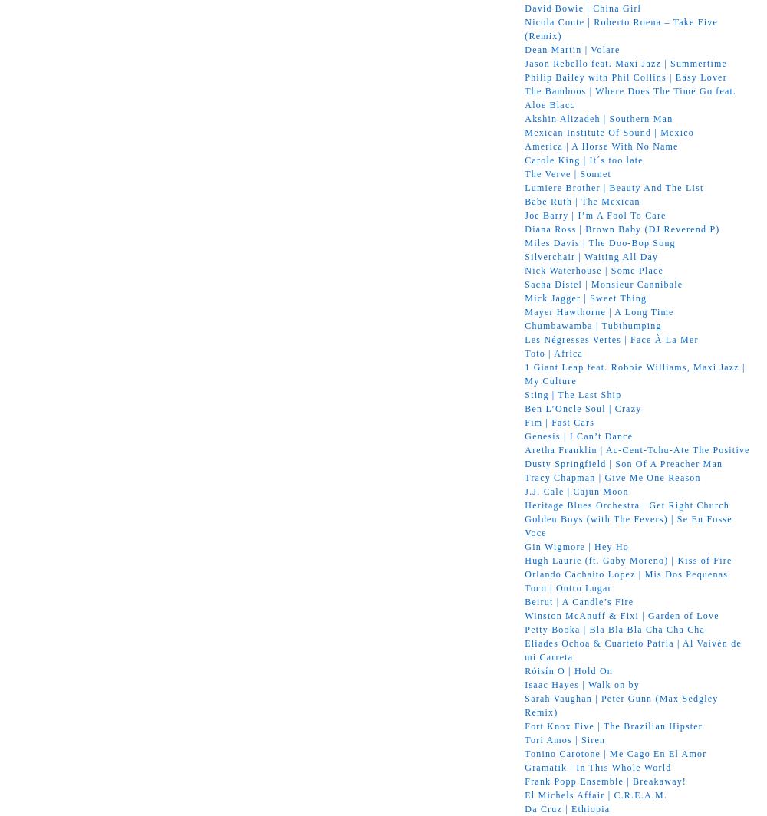  What do you see at coordinates (609, 132) in the screenshot?
I see `'Mexican Institute Of Sound | Mexico'` at bounding box center [609, 132].